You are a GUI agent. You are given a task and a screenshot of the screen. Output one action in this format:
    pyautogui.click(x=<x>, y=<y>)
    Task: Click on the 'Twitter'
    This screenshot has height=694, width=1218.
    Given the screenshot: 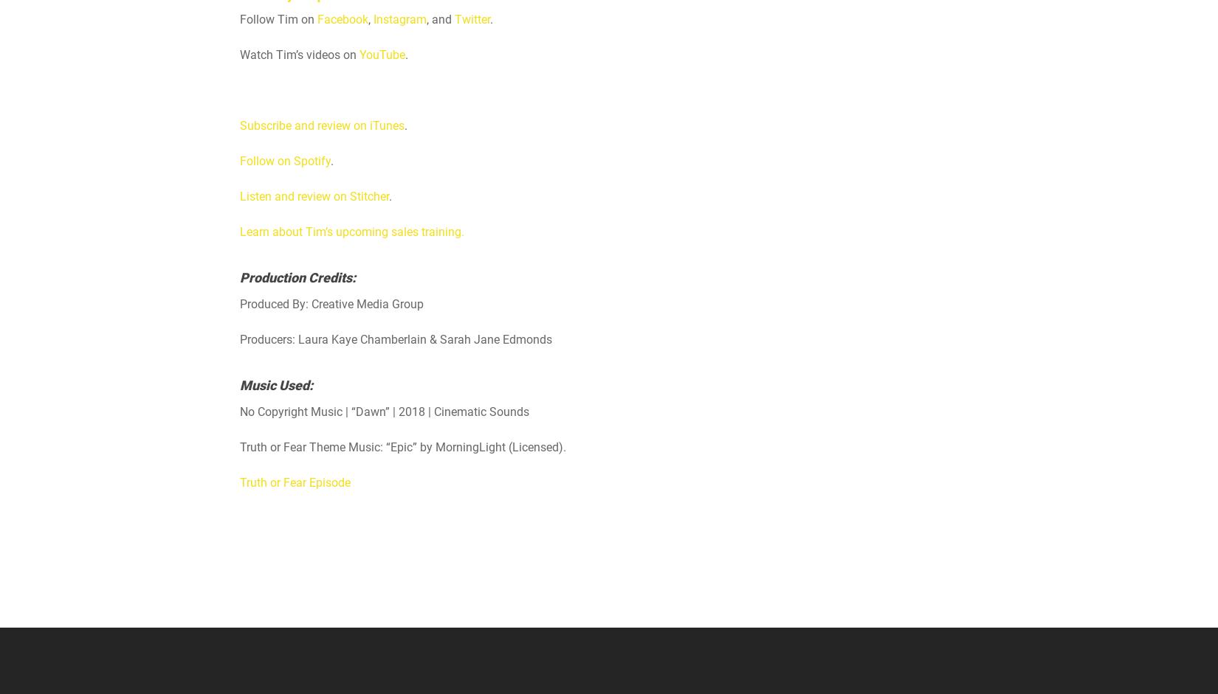 What is the action you would take?
    pyautogui.click(x=472, y=19)
    